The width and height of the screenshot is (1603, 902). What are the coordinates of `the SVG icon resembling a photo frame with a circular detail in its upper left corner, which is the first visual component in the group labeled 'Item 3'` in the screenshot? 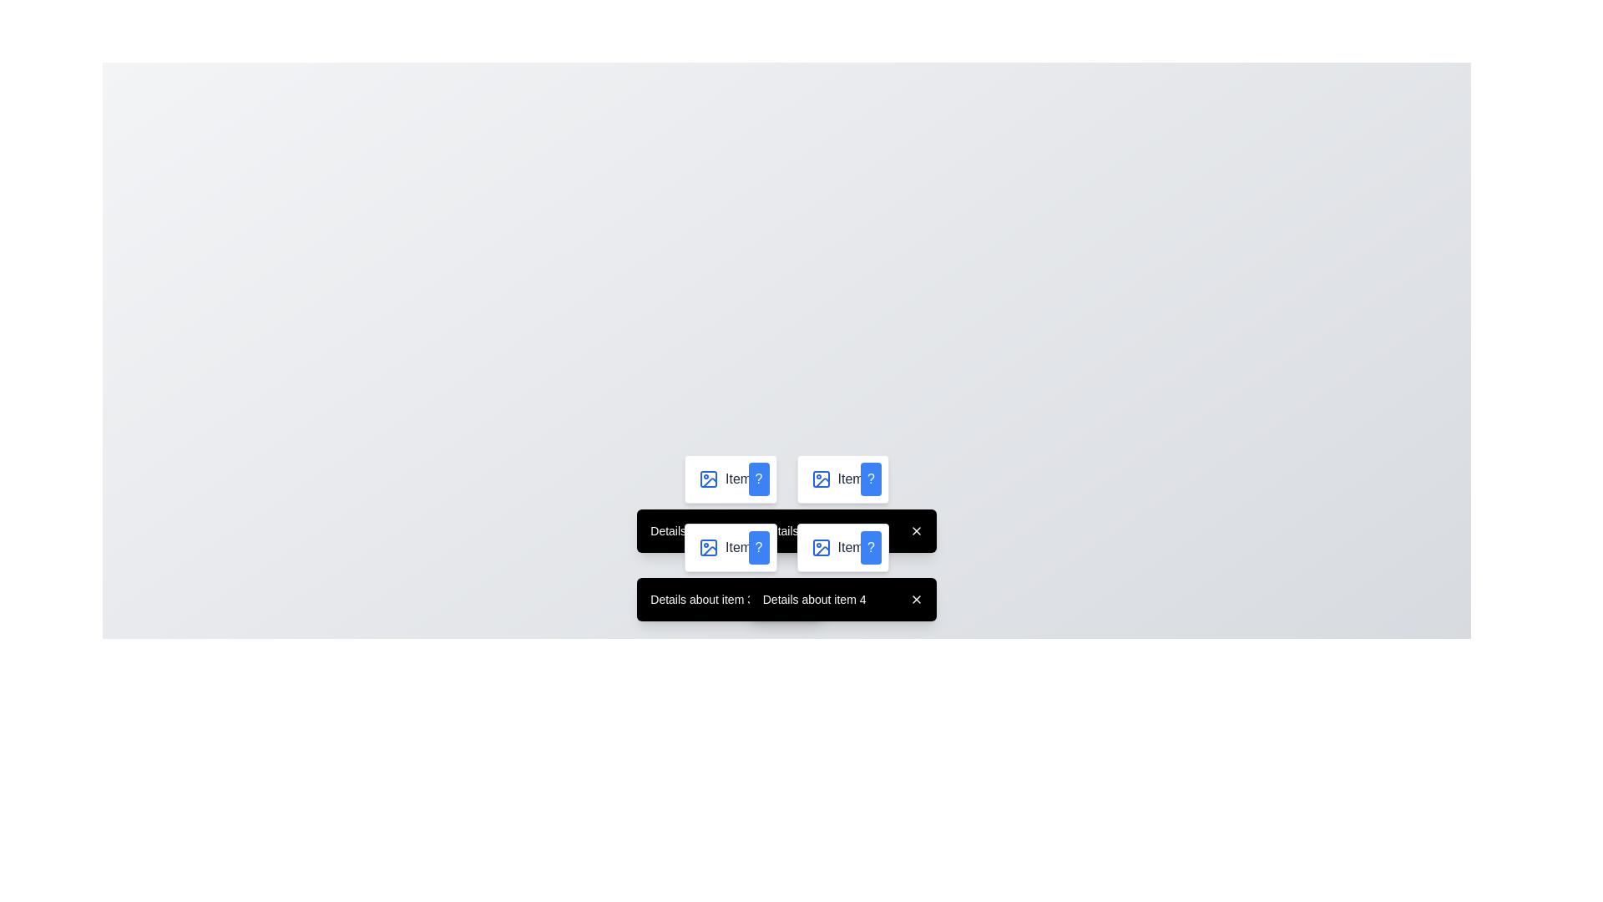 It's located at (709, 547).